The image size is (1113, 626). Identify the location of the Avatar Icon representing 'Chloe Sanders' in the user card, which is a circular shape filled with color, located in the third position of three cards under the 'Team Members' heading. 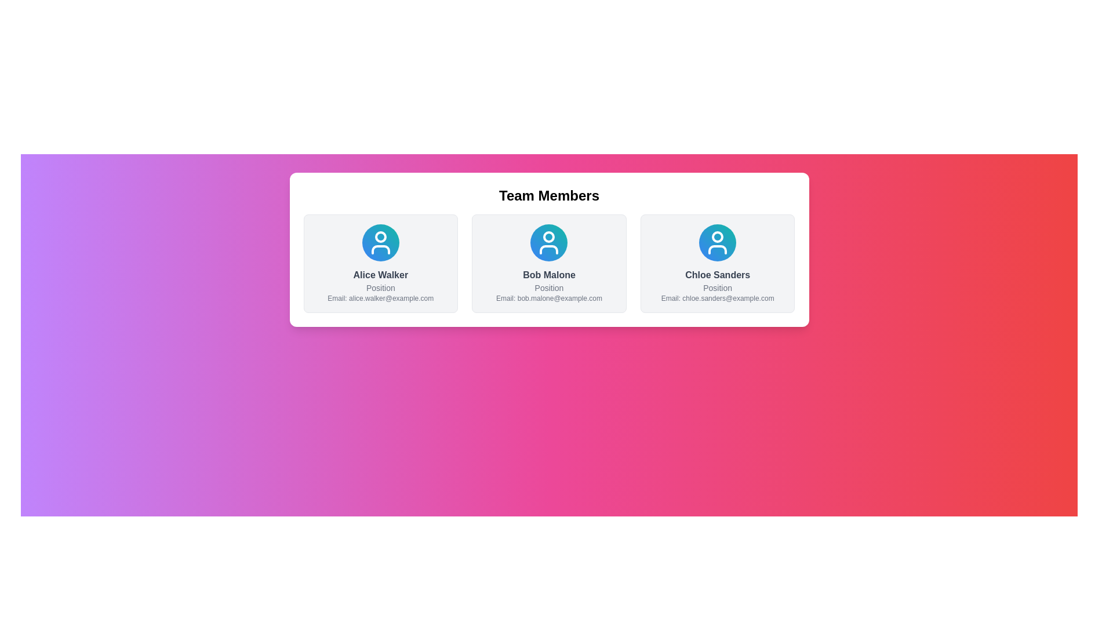
(717, 236).